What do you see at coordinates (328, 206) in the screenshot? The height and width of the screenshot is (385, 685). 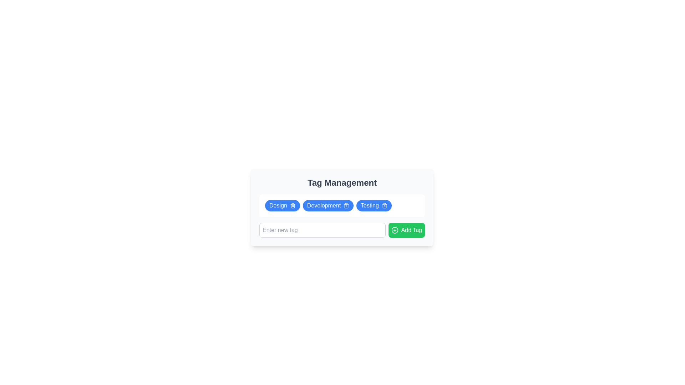 I see `the tag management button that is centrally aligned between the 'Design' button on the left and the 'Testing' button on the right` at bounding box center [328, 206].